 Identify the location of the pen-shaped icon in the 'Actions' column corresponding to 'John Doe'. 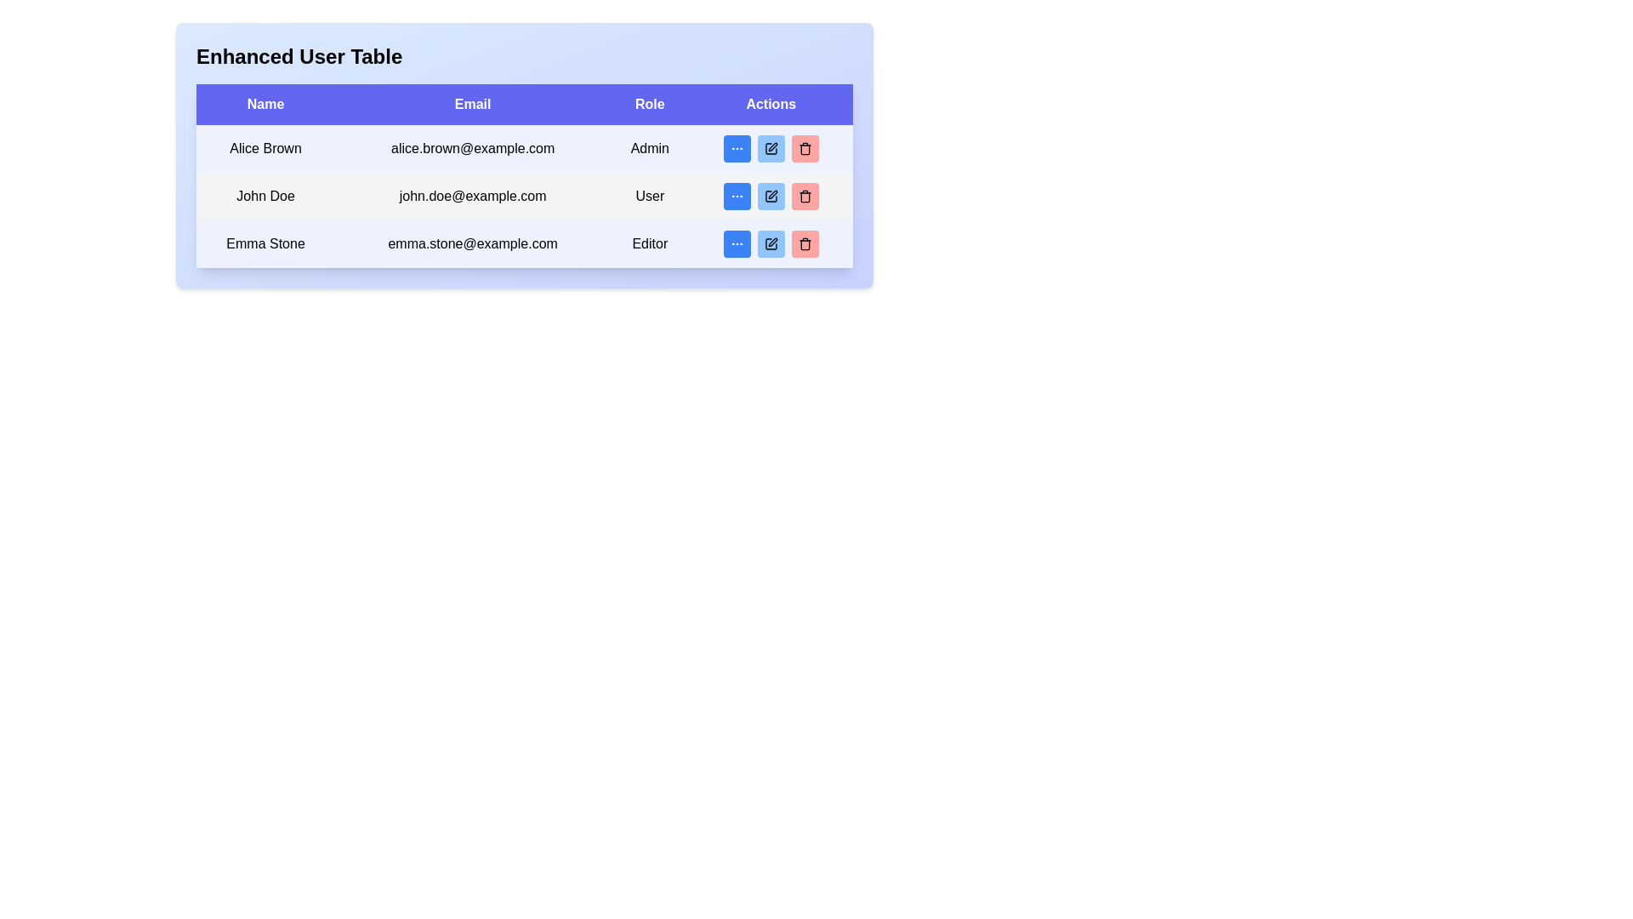
(771, 193).